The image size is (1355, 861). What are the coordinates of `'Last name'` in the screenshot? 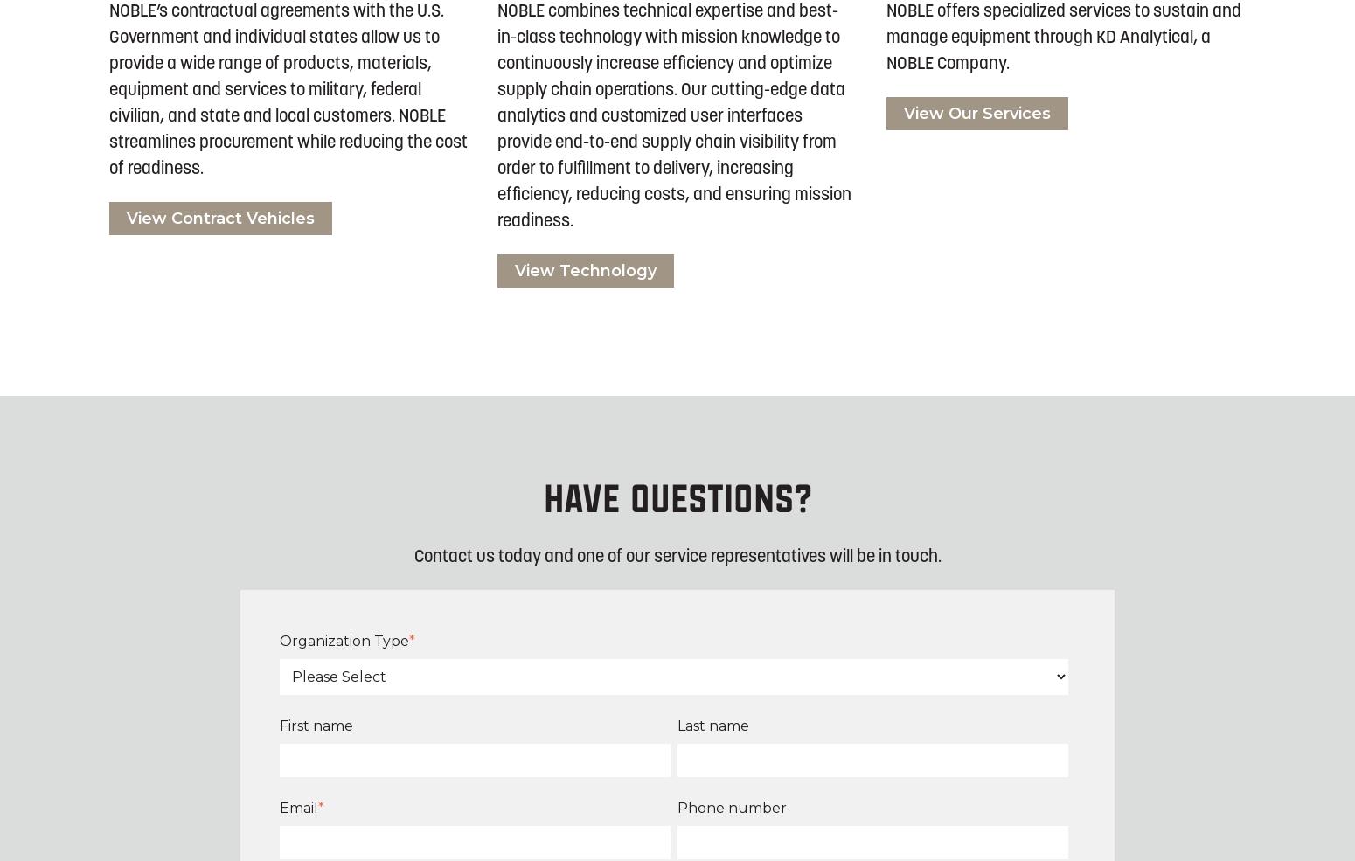 It's located at (712, 724).